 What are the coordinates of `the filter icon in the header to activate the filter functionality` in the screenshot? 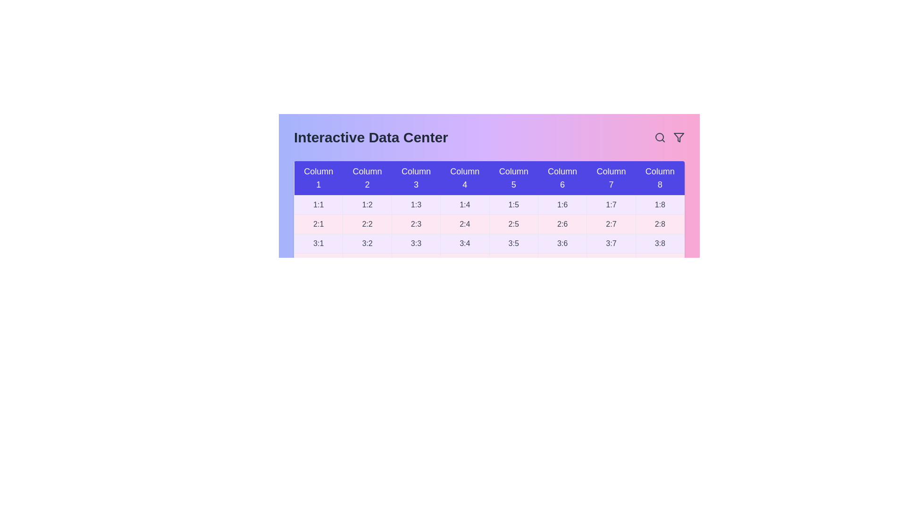 It's located at (679, 138).